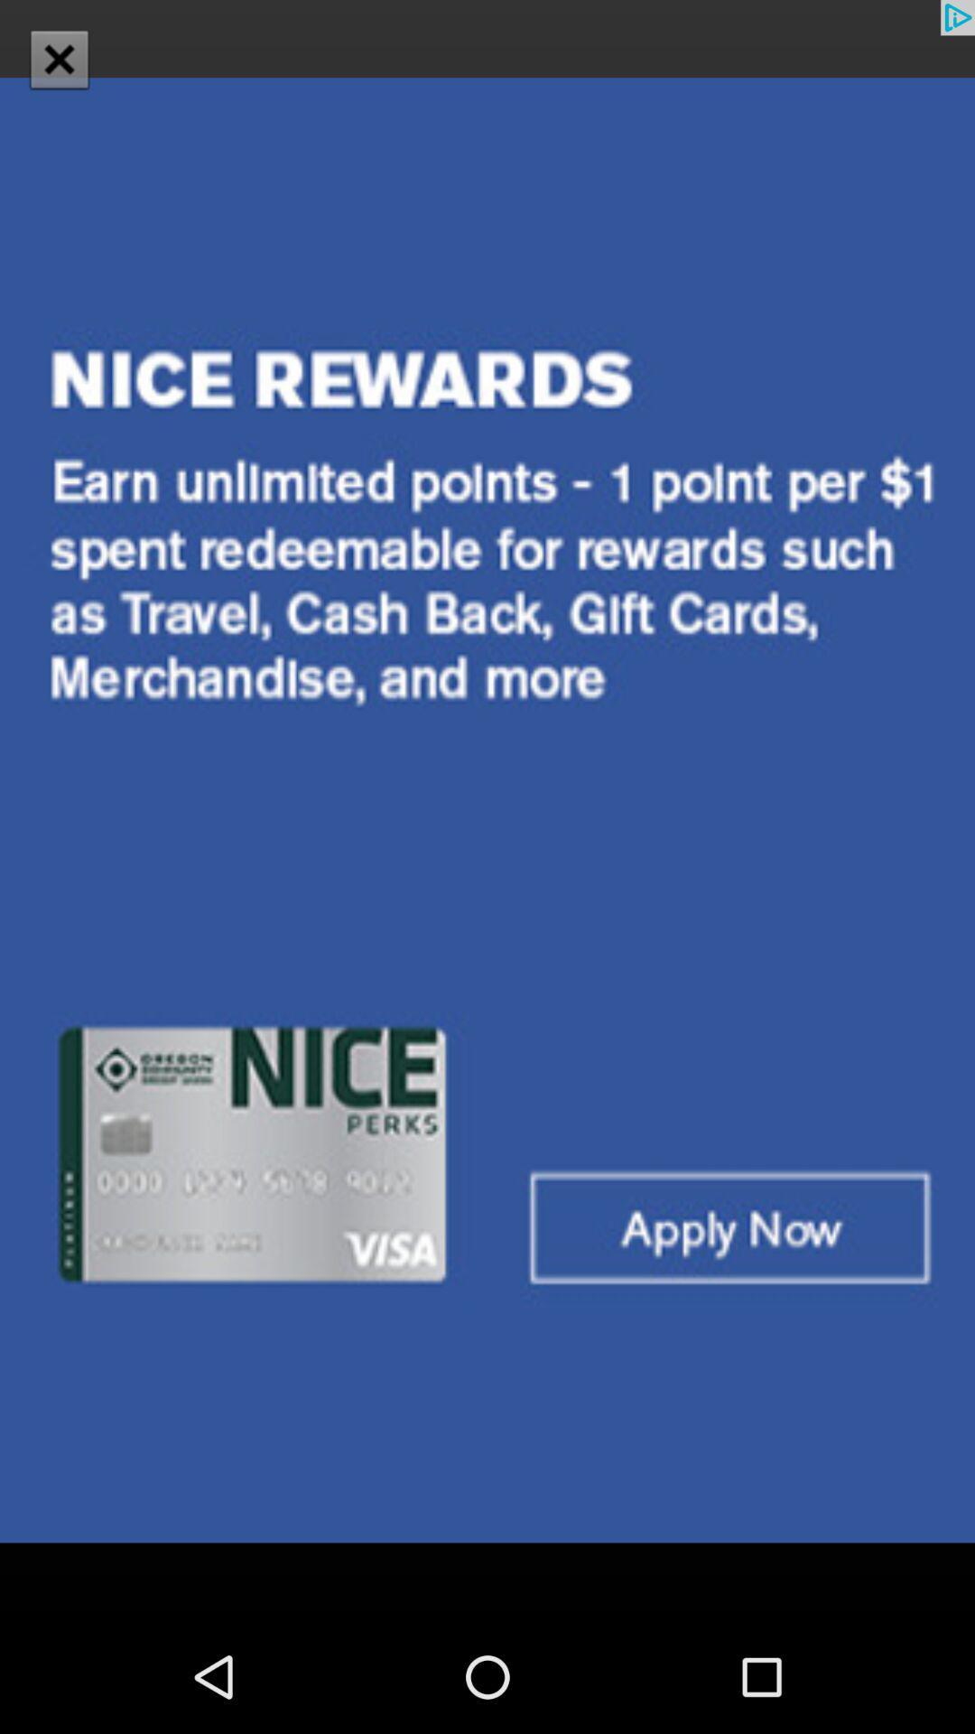  Describe the element at coordinates (58, 63) in the screenshot. I see `the close icon` at that location.